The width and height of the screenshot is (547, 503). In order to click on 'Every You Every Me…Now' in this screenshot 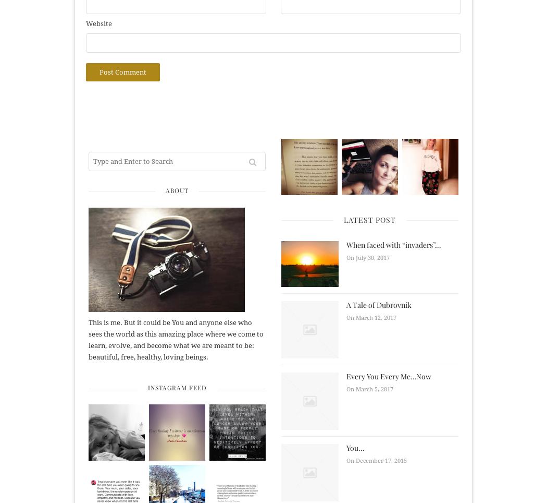, I will do `click(388, 376)`.